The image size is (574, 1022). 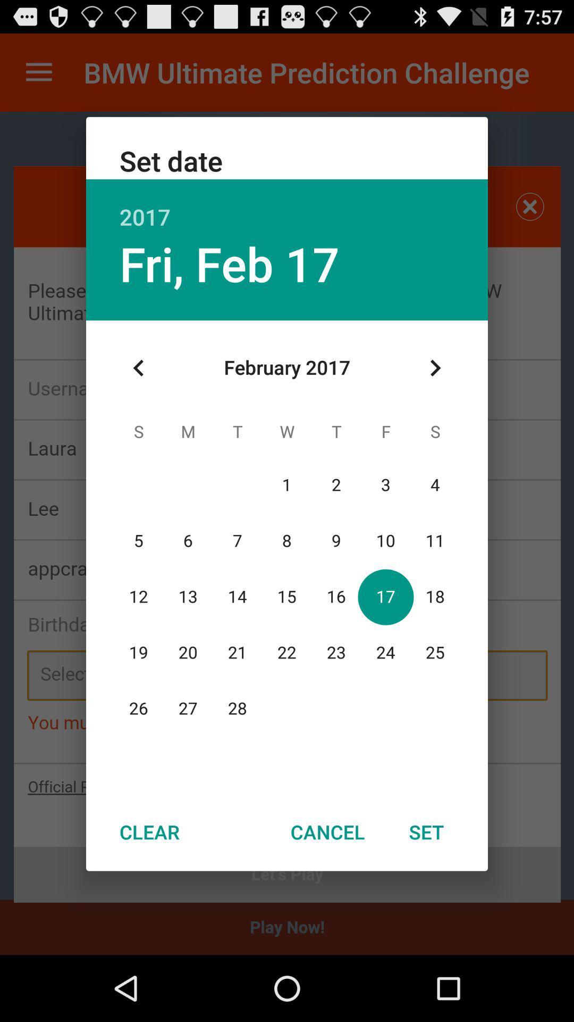 I want to click on the icon to the left of the cancel item, so click(x=149, y=831).